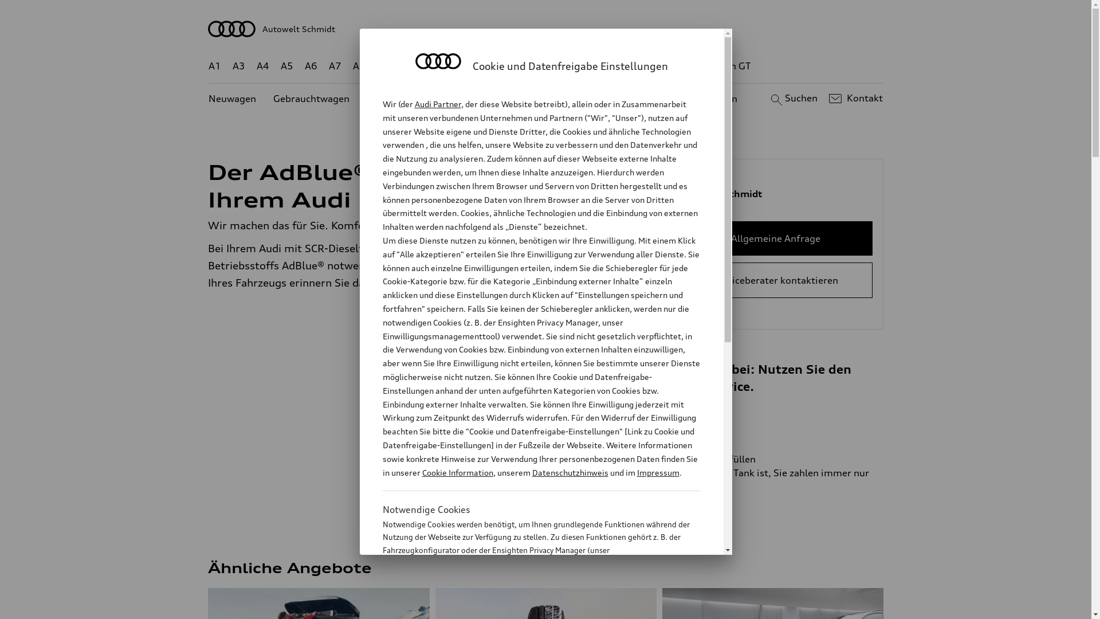 This screenshot has height=619, width=1100. I want to click on 'A5', so click(286, 66).